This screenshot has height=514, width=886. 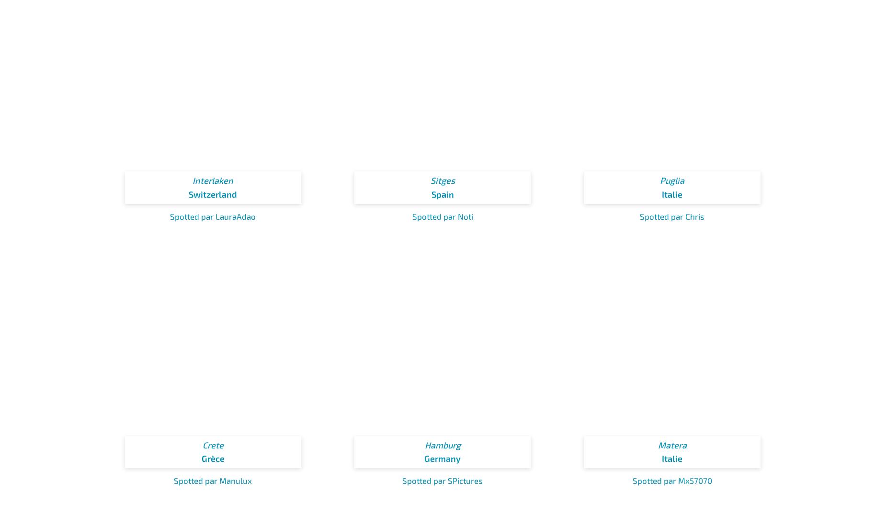 I want to click on 'Puglia', so click(x=672, y=179).